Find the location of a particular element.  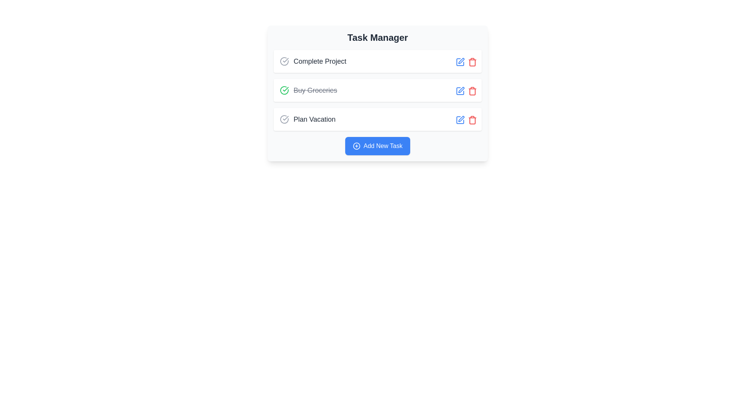

the first list item in the task list titled 'Complete Project' is located at coordinates (313, 61).